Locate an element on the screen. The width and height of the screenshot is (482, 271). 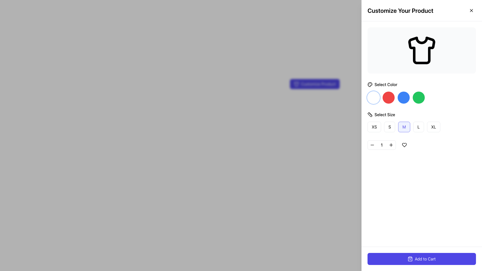
the painter's palette icon located to the immediate left of the 'Select Color' text in the right sidebar of the user interface is located at coordinates (370, 84).